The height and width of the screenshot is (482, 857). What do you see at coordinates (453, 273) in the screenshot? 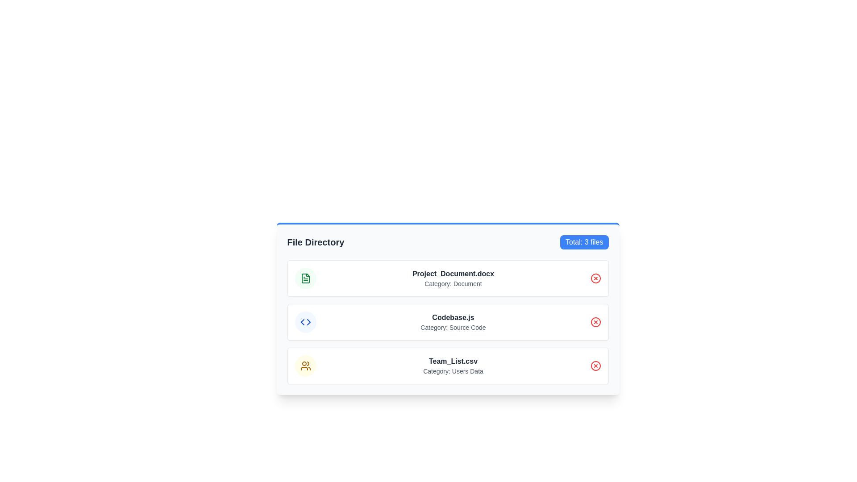
I see `the Text Label that displays the name of a document file, positioned centrally in the first row above 'Category: Document' and adjacent to the file icon and action icon` at bounding box center [453, 273].